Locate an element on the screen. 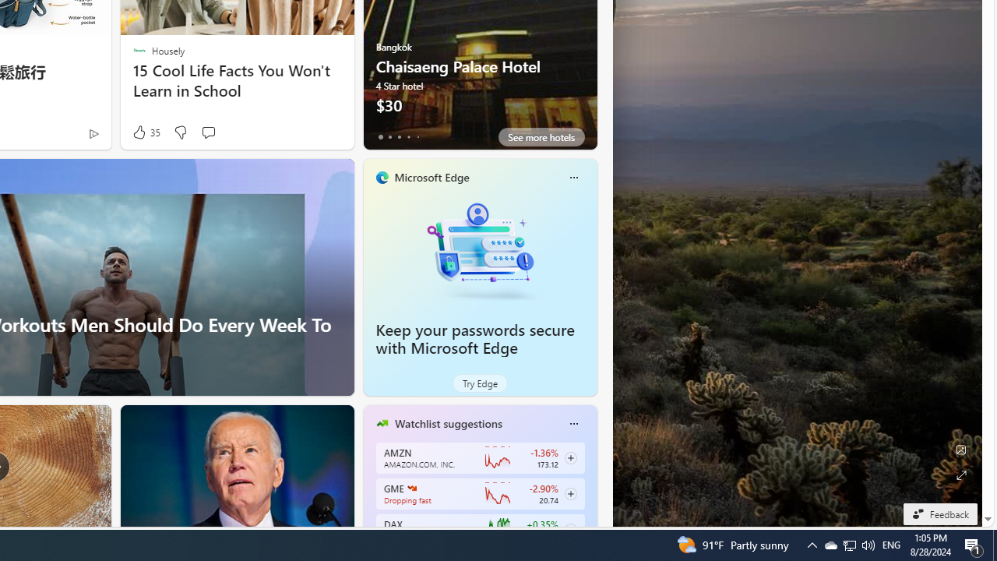  'tab-2' is located at coordinates (399, 136).